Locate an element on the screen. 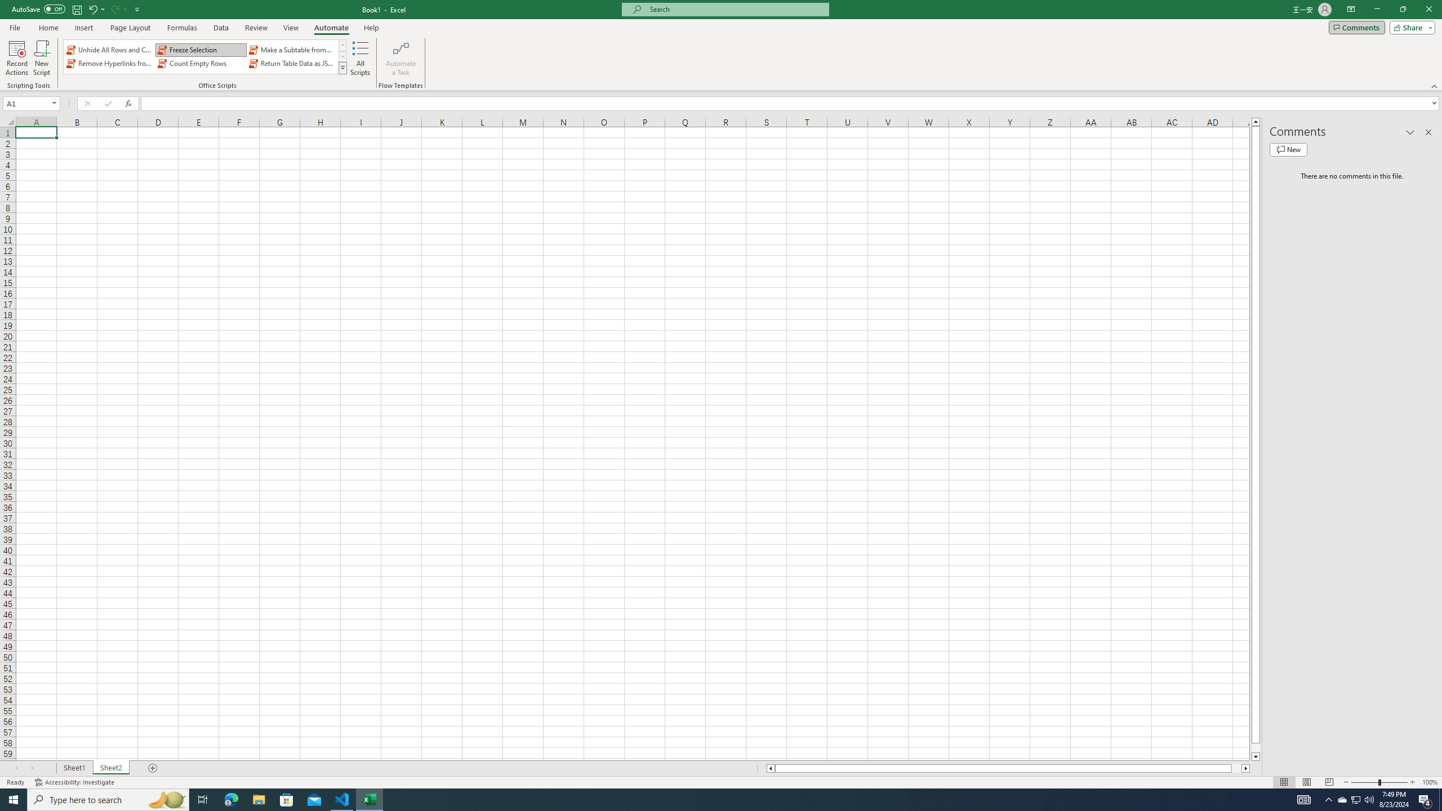 The height and width of the screenshot is (811, 1442). 'AutomationID: OfficeScriptsGallery' is located at coordinates (204, 56).